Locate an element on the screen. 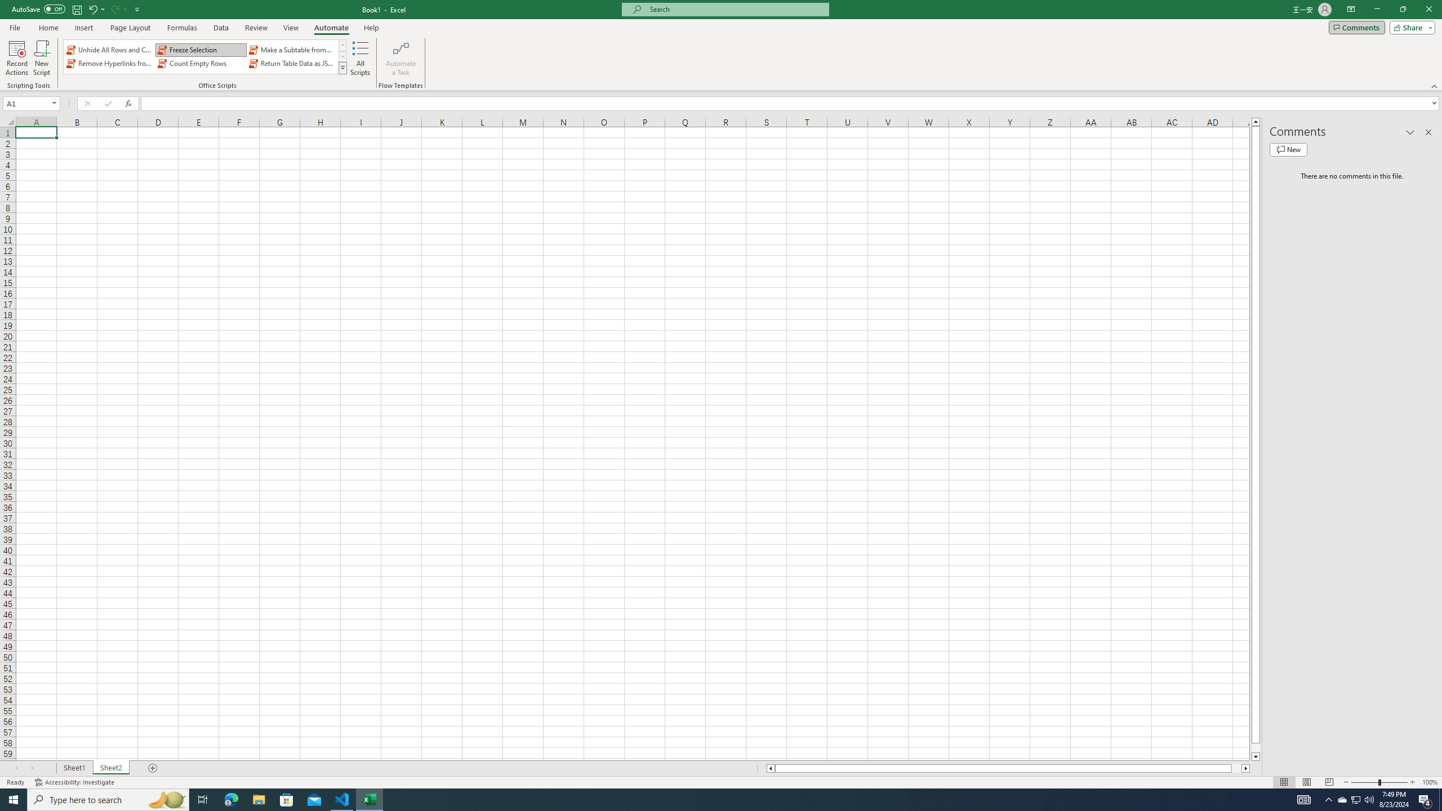 The height and width of the screenshot is (811, 1442). 'AutomationID: OfficeScriptsGallery' is located at coordinates (204, 56).